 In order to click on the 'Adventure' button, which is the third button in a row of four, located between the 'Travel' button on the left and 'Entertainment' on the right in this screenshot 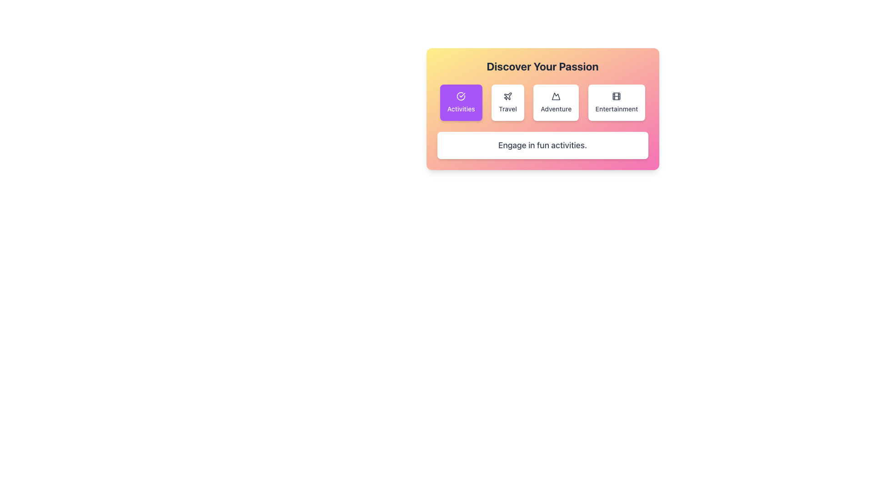, I will do `click(556, 102)`.